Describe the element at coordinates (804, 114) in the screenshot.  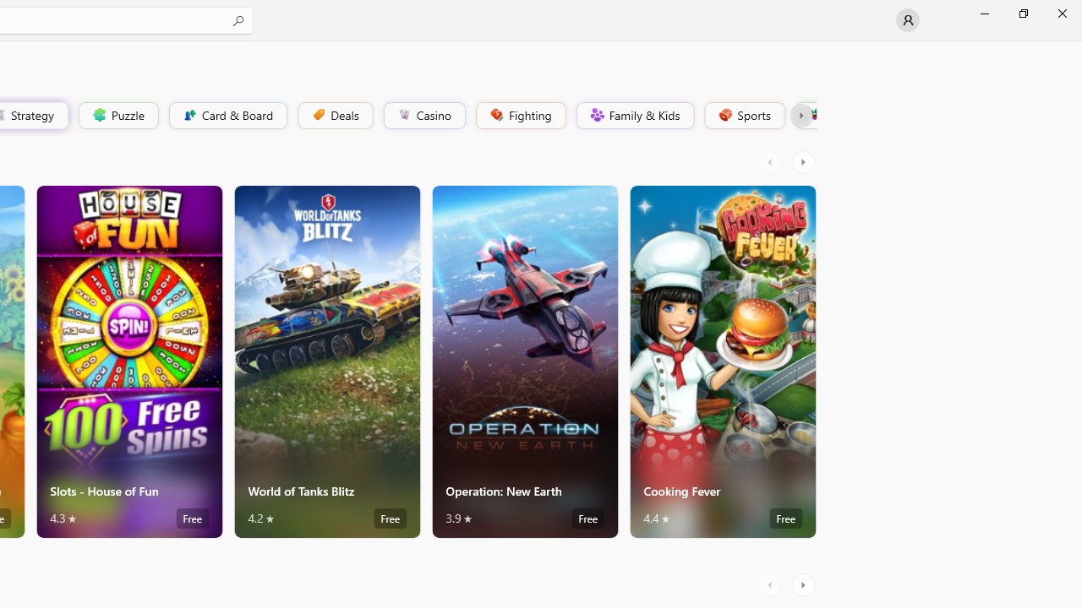
I see `'Platformer'` at that location.